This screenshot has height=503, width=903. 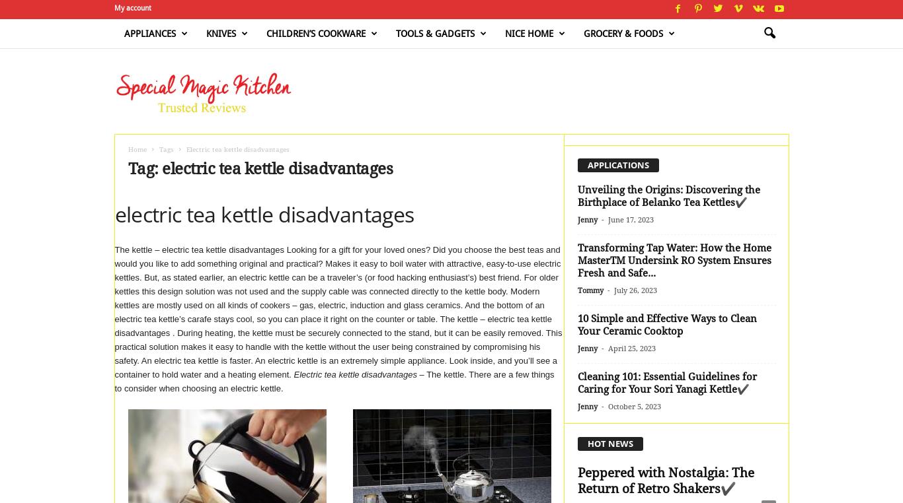 What do you see at coordinates (666, 325) in the screenshot?
I see `'10 Simple and Effective Ways to Clean Your Ceramic Cooktop'` at bounding box center [666, 325].